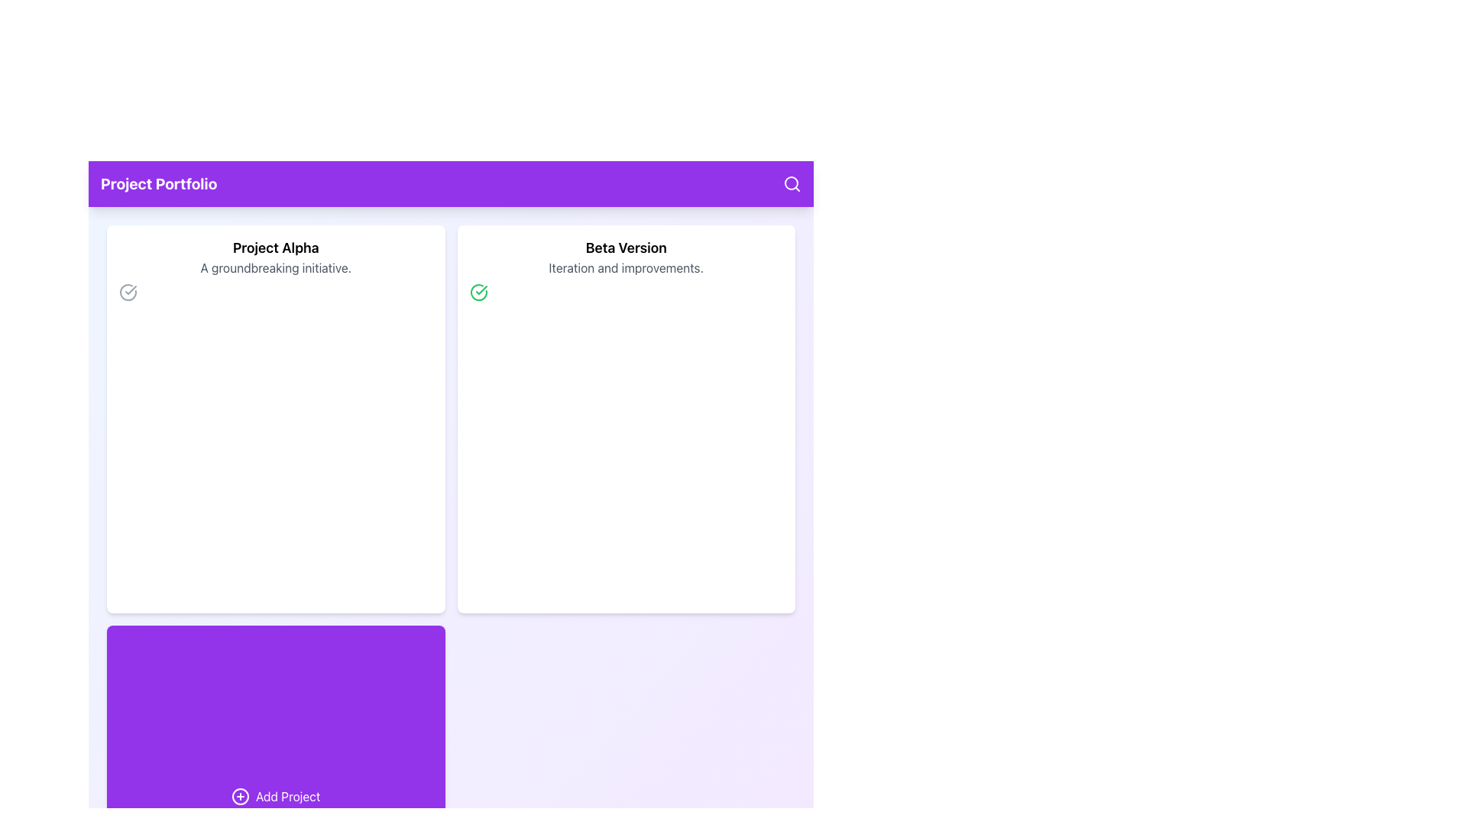 Image resolution: width=1467 pixels, height=825 pixels. I want to click on details of the 'Project Alpha' card, which is a white rectangular card with rounded corners and a shadow effect, featuring a bold title and a check icon in the top-left corner, so click(276, 419).